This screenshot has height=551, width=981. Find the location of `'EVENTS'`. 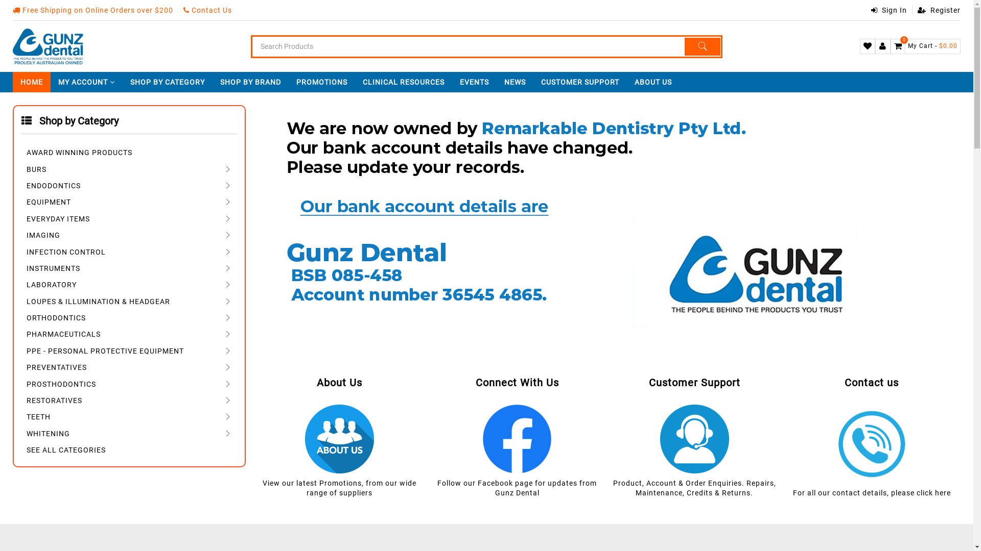

'EVENTS' is located at coordinates (451, 82).